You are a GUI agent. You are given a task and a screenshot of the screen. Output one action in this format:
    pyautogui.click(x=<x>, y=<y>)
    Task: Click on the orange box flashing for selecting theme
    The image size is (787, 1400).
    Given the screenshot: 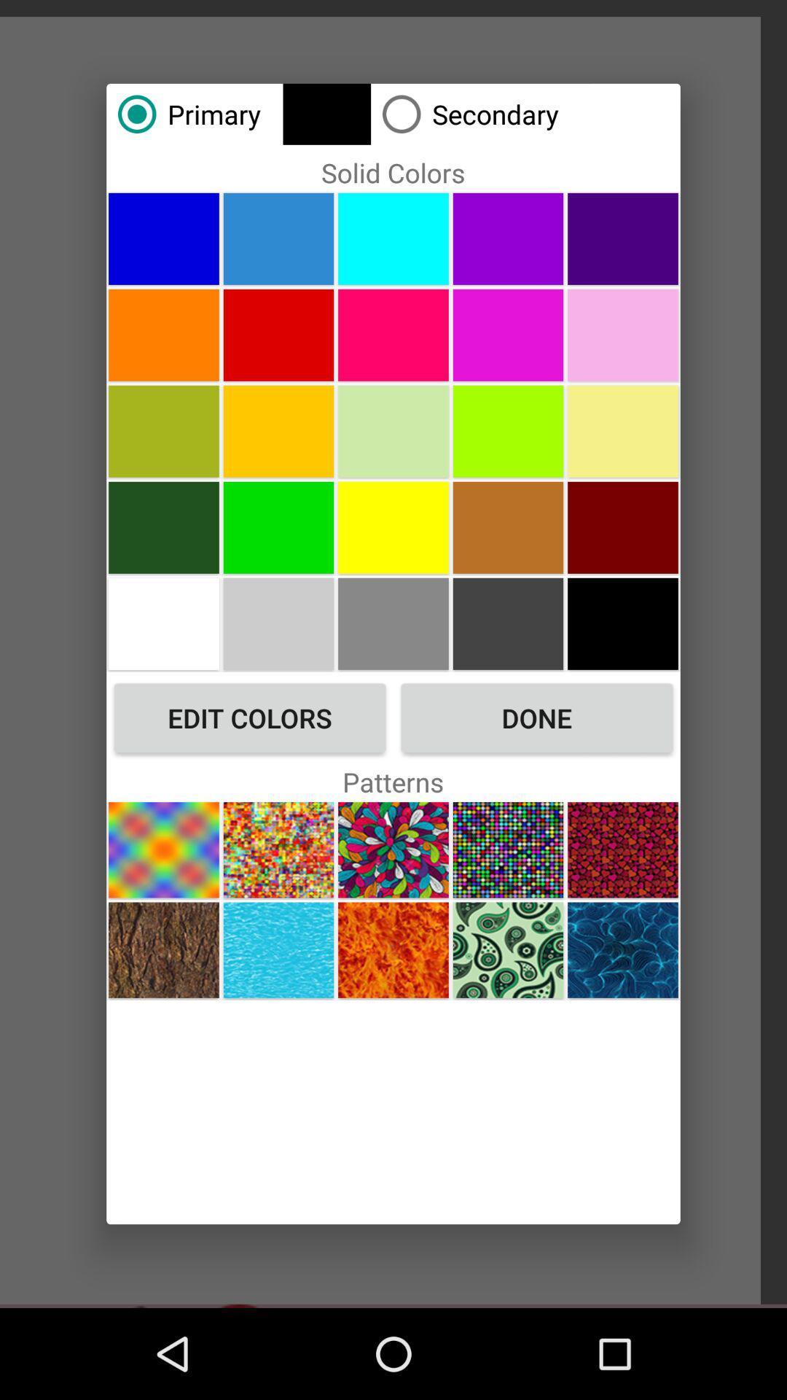 What is the action you would take?
    pyautogui.click(x=623, y=950)
    